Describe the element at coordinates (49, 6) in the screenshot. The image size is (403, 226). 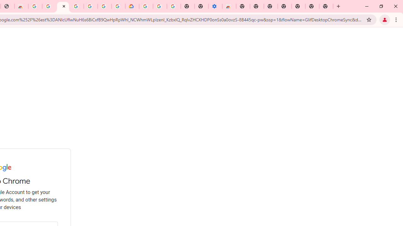
I see `'Ad Settings'` at that location.